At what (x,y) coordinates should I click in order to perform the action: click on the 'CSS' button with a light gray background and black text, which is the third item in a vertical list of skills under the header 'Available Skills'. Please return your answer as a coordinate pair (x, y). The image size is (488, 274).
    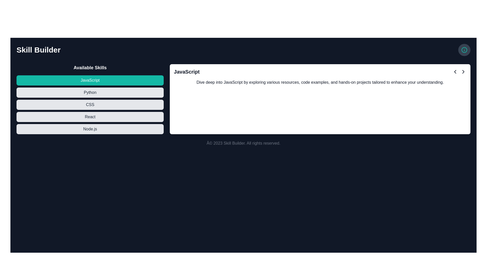
    Looking at the image, I should click on (90, 104).